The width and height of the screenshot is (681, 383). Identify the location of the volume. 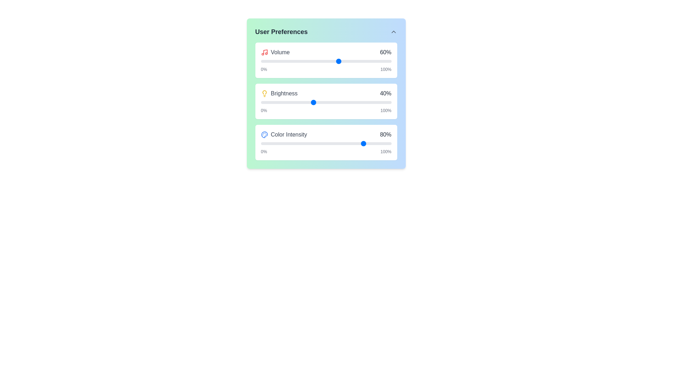
(331, 61).